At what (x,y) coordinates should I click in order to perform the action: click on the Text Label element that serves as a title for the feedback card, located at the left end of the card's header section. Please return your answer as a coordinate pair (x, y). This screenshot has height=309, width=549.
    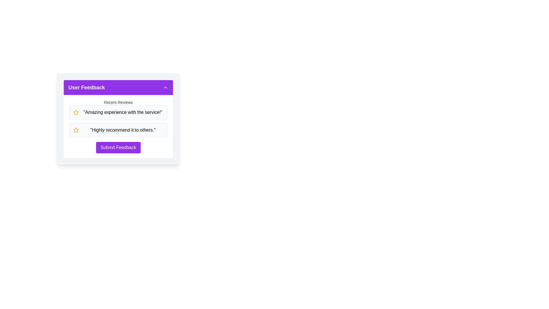
    Looking at the image, I should click on (86, 87).